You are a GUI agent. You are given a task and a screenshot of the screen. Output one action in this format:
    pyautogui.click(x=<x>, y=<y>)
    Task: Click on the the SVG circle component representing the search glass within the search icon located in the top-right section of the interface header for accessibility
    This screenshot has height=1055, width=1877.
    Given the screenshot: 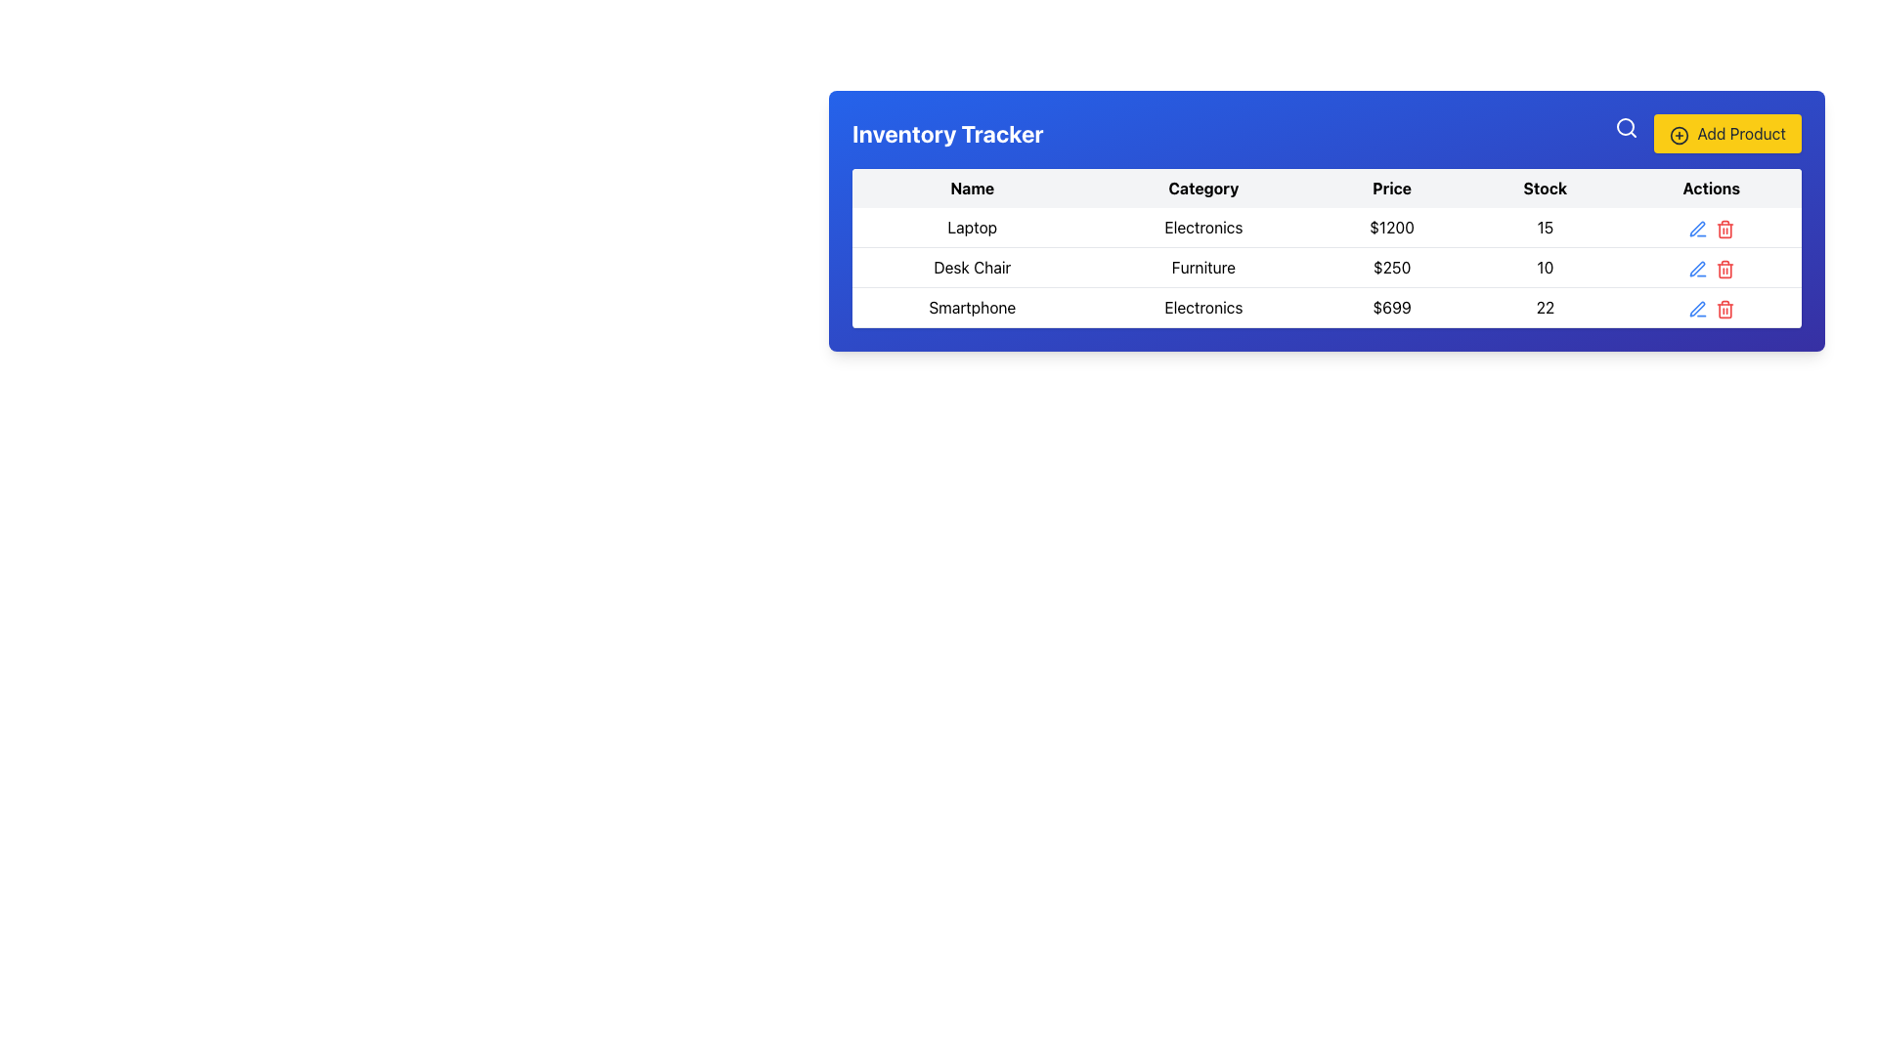 What is the action you would take?
    pyautogui.click(x=1626, y=127)
    